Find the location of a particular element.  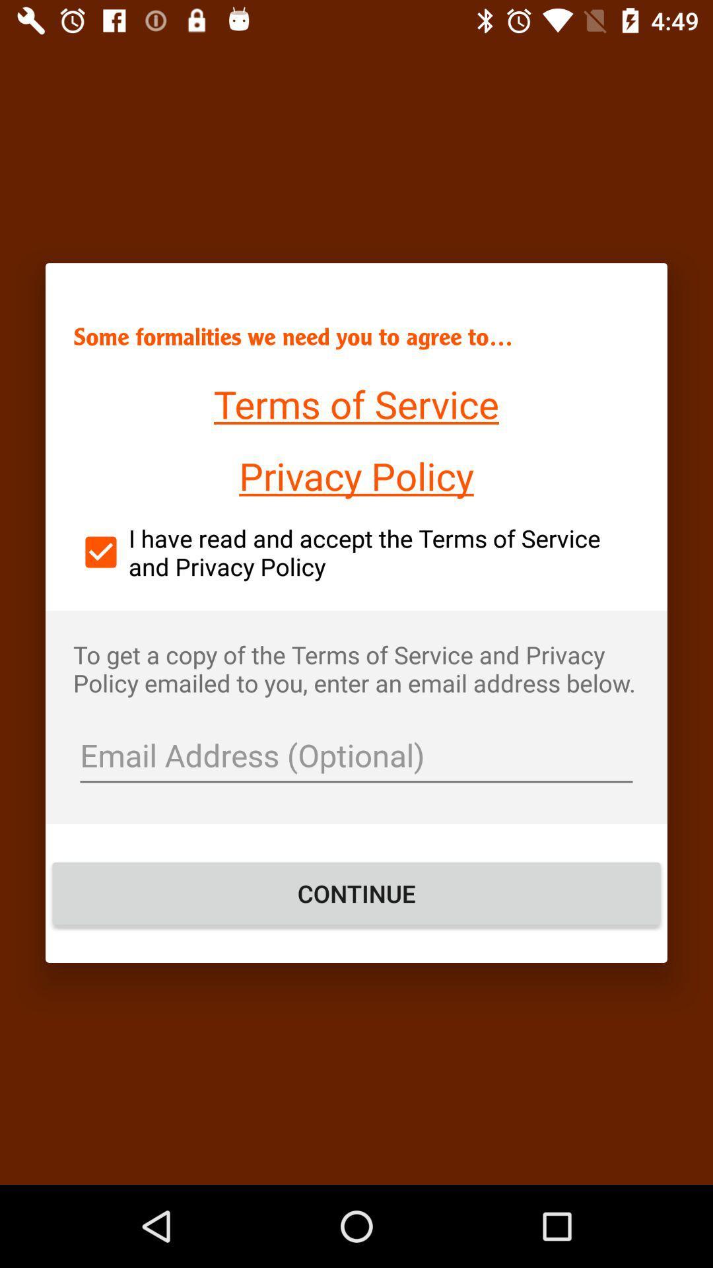

icon above the to get a icon is located at coordinates (356, 552).